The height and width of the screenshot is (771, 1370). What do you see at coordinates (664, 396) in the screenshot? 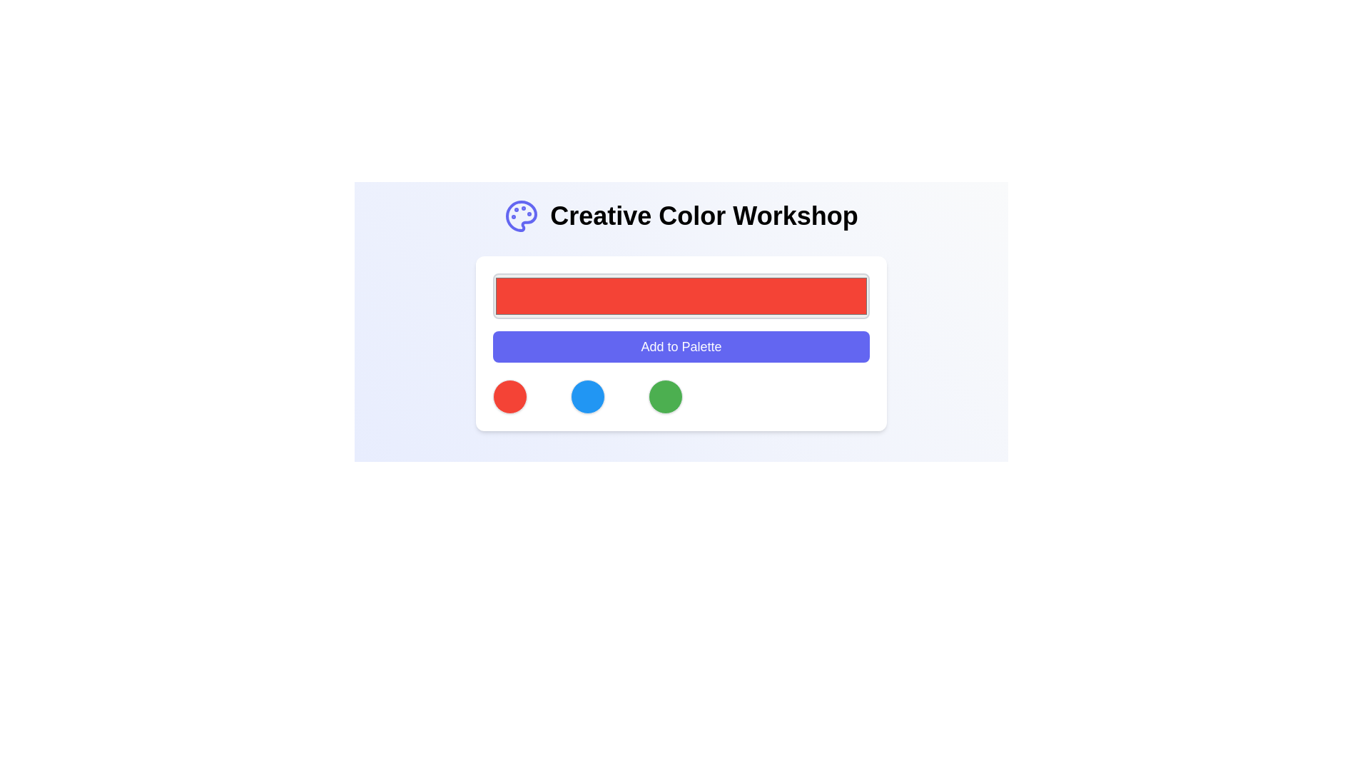
I see `the green color indicator circle, which is the third in a horizontal grouping of three circles located at the bottom-center of the interface` at bounding box center [664, 396].